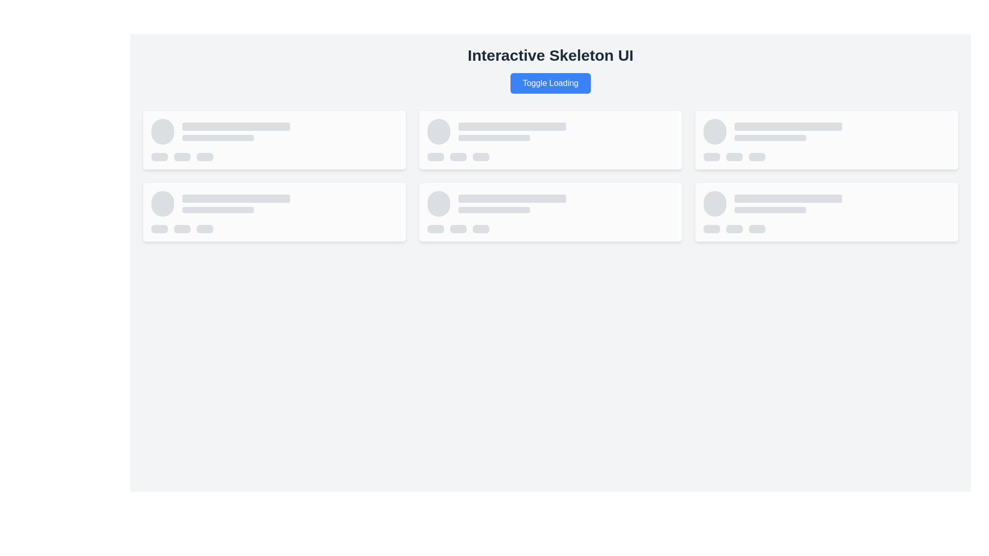 The image size is (989, 556). What do you see at coordinates (550, 83) in the screenshot?
I see `the toggle button located below the heading 'Interactive Skeleton UI'` at bounding box center [550, 83].